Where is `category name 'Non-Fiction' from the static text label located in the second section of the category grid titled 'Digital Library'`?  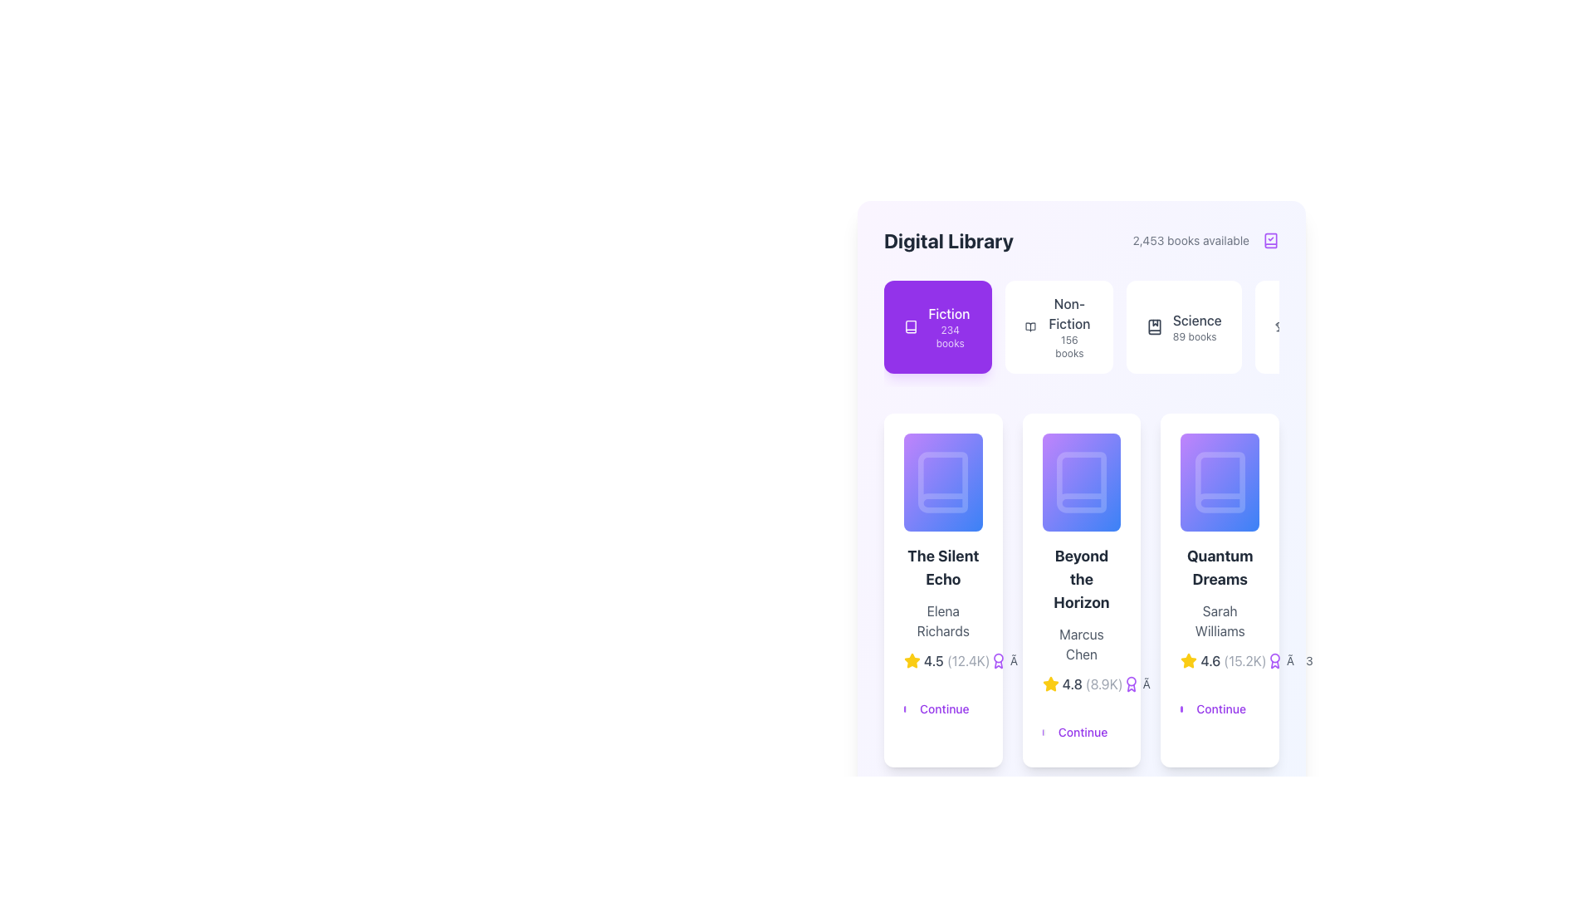 category name 'Non-Fiction' from the static text label located in the second section of the category grid titled 'Digital Library' is located at coordinates (1069, 314).